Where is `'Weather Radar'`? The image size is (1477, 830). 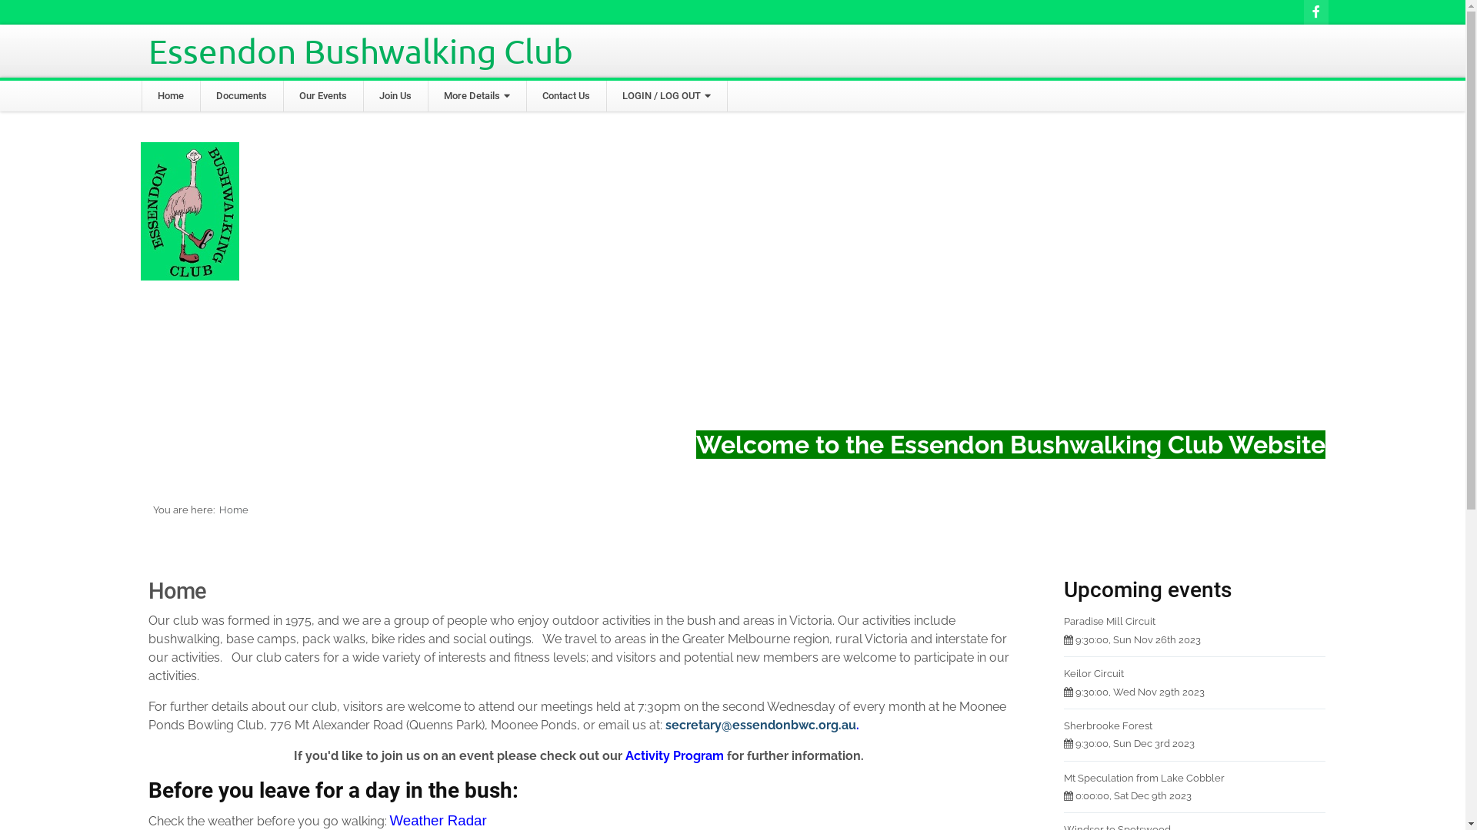 'Weather Radar' is located at coordinates (437, 819).